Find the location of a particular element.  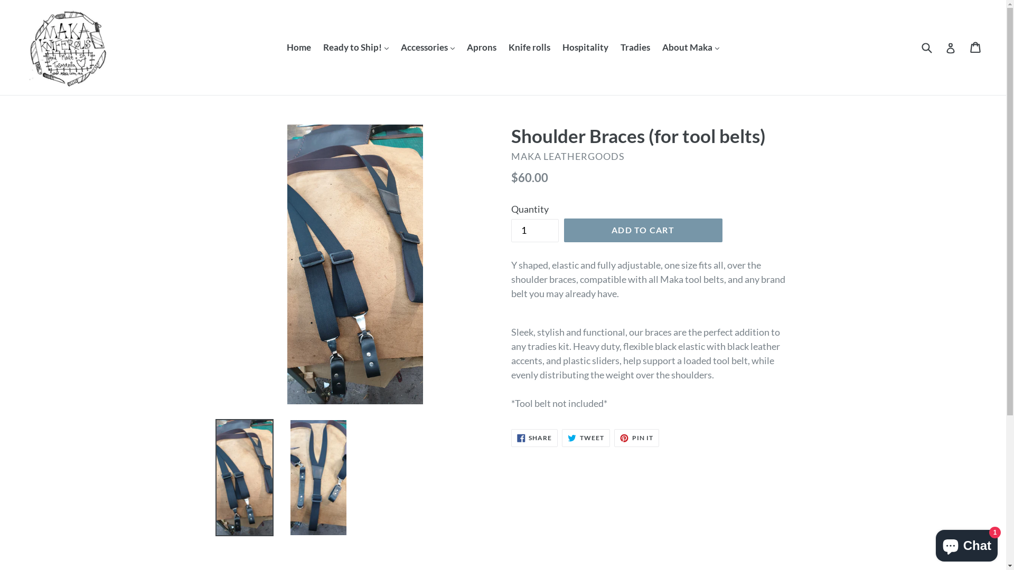

'Shopify online store chat' is located at coordinates (966, 543).